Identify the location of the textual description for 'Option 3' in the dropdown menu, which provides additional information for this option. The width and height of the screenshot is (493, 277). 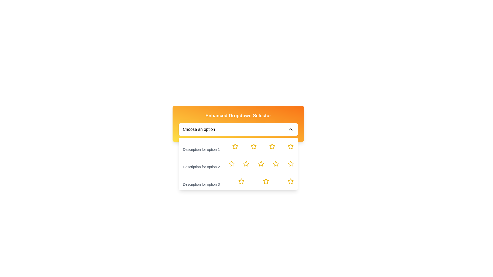
(201, 181).